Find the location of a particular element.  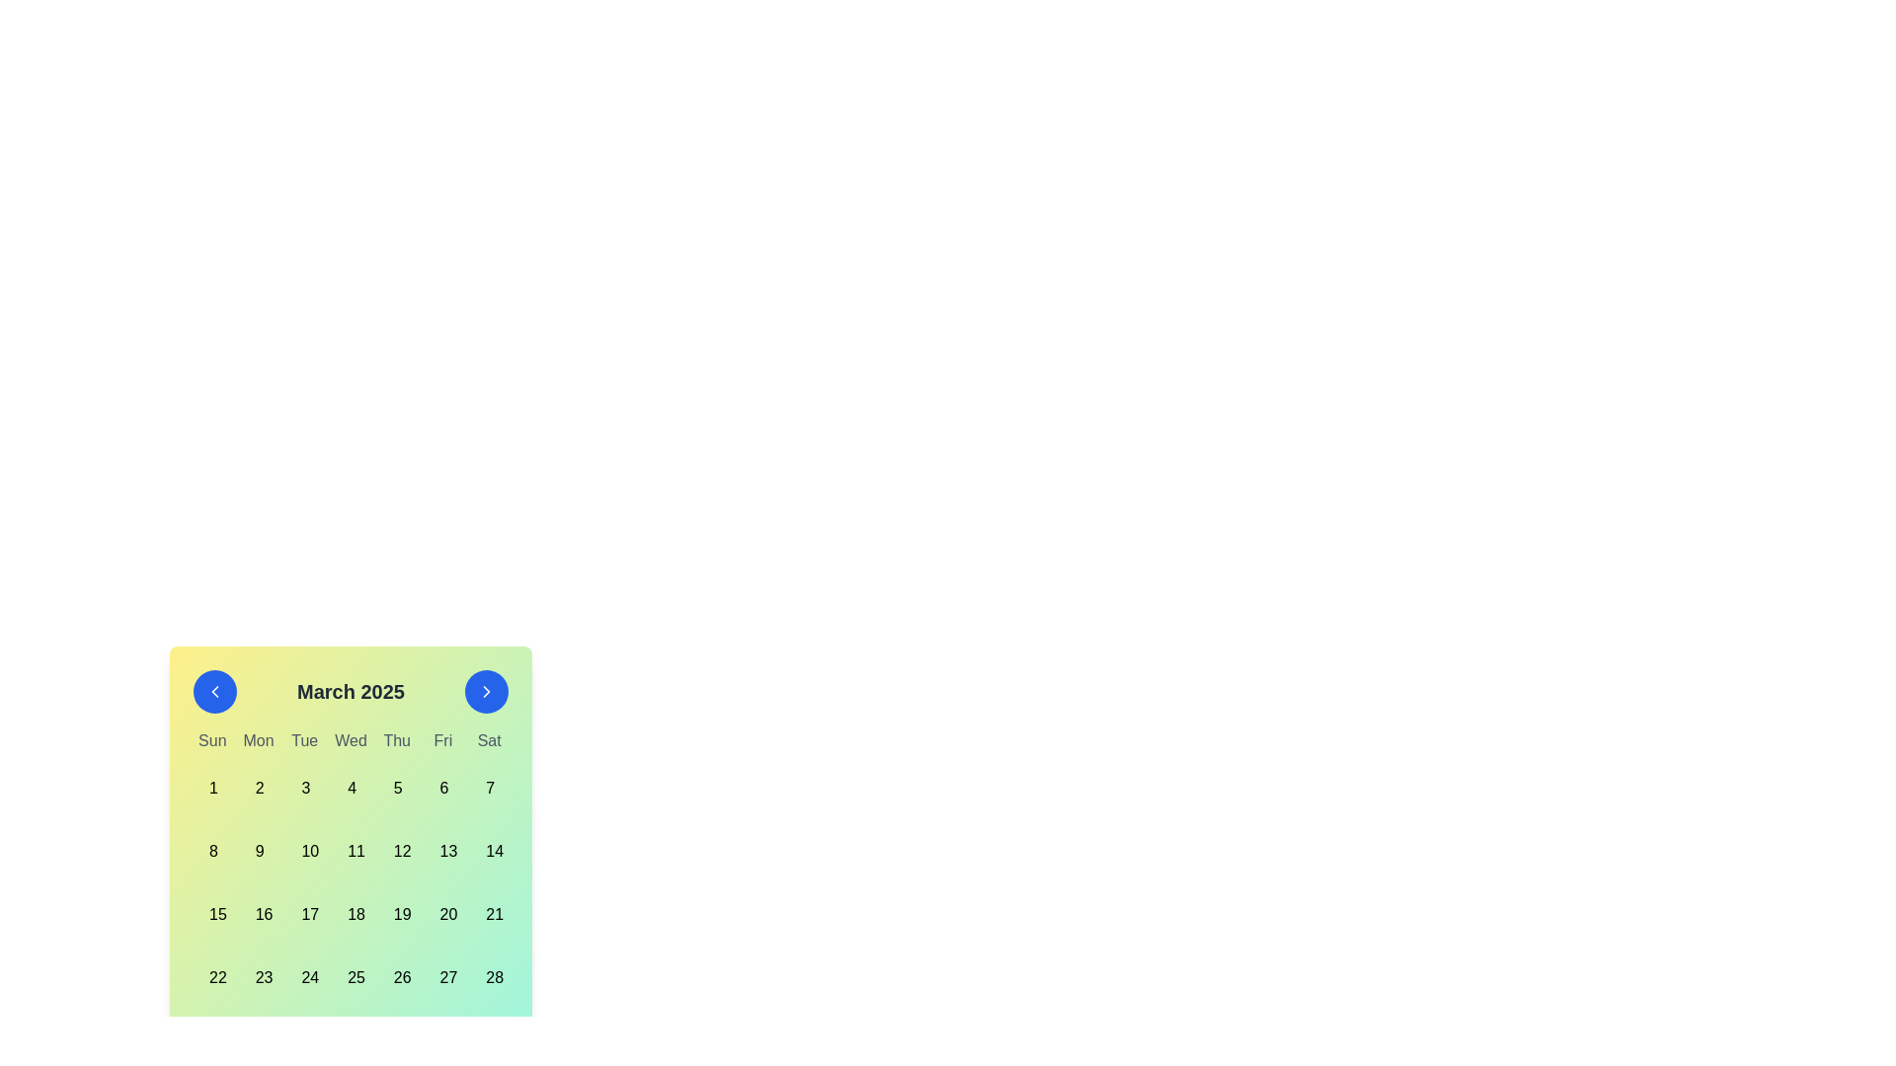

the Clickable day cell representing the date '8' in the calendar is located at coordinates (212, 851).